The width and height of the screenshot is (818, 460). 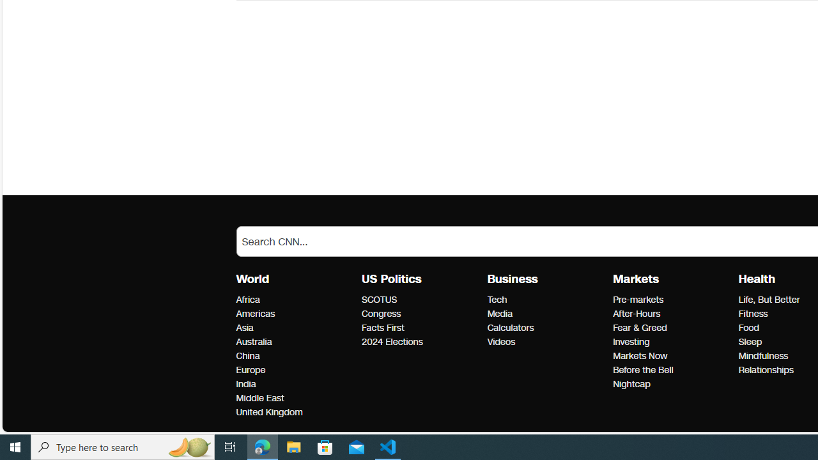 I want to click on 'SCOTUS', so click(x=421, y=300).